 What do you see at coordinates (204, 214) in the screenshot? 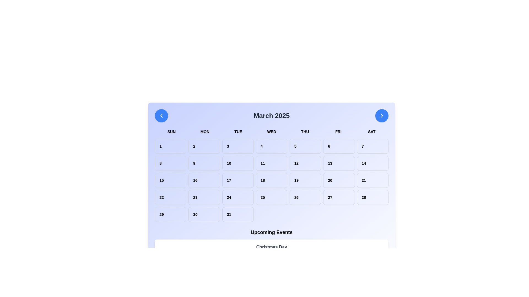
I see `the date '30' displayed on the calendar, located at the bottom row of the calendar grid for March 2025, to read the date` at bounding box center [204, 214].